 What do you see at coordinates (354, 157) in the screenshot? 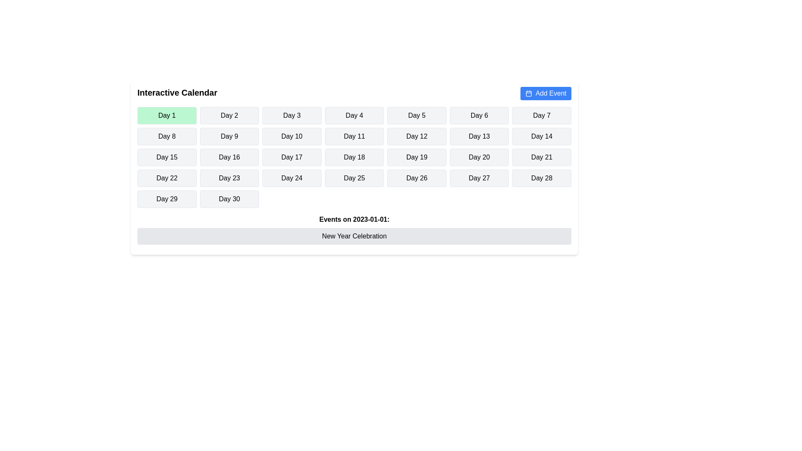
I see `the 'Day 18' button, which is a rectangular button with rounded corners, gray background, and bold black text, to observe its hover effects` at bounding box center [354, 157].